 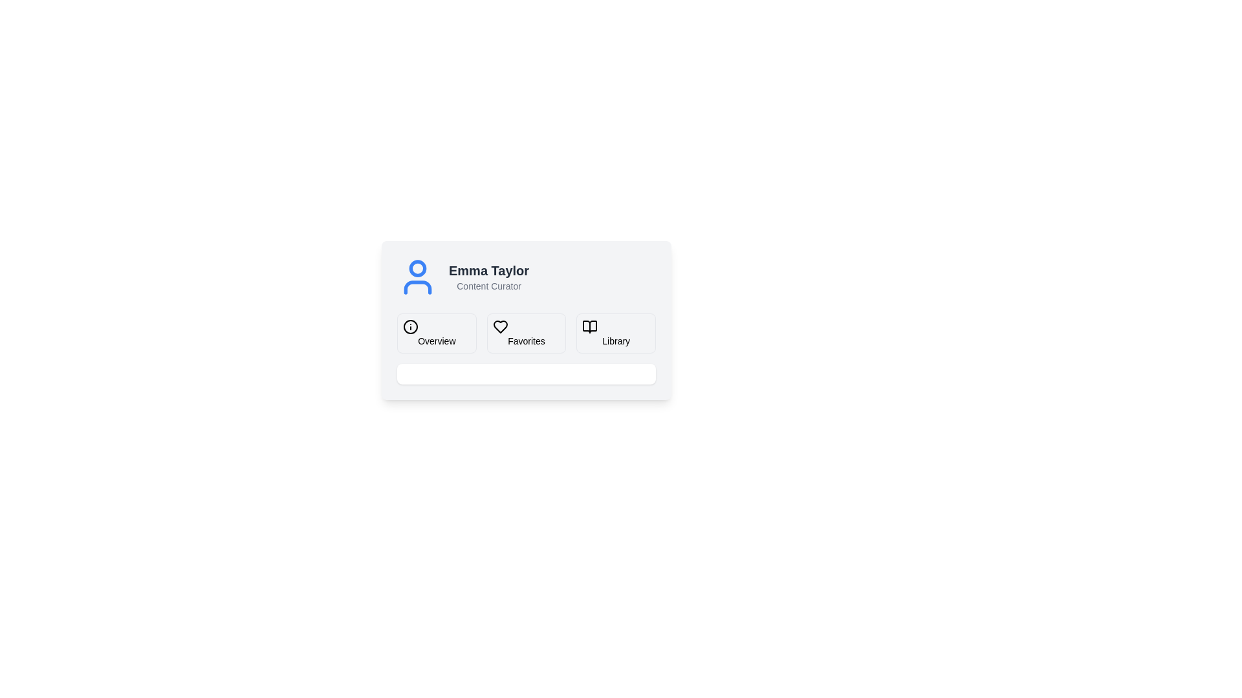 What do you see at coordinates (589, 326) in the screenshot?
I see `the open book icon (SVG) on the right side of the row containing 'Overview,' 'Favorites,' and 'Library'` at bounding box center [589, 326].